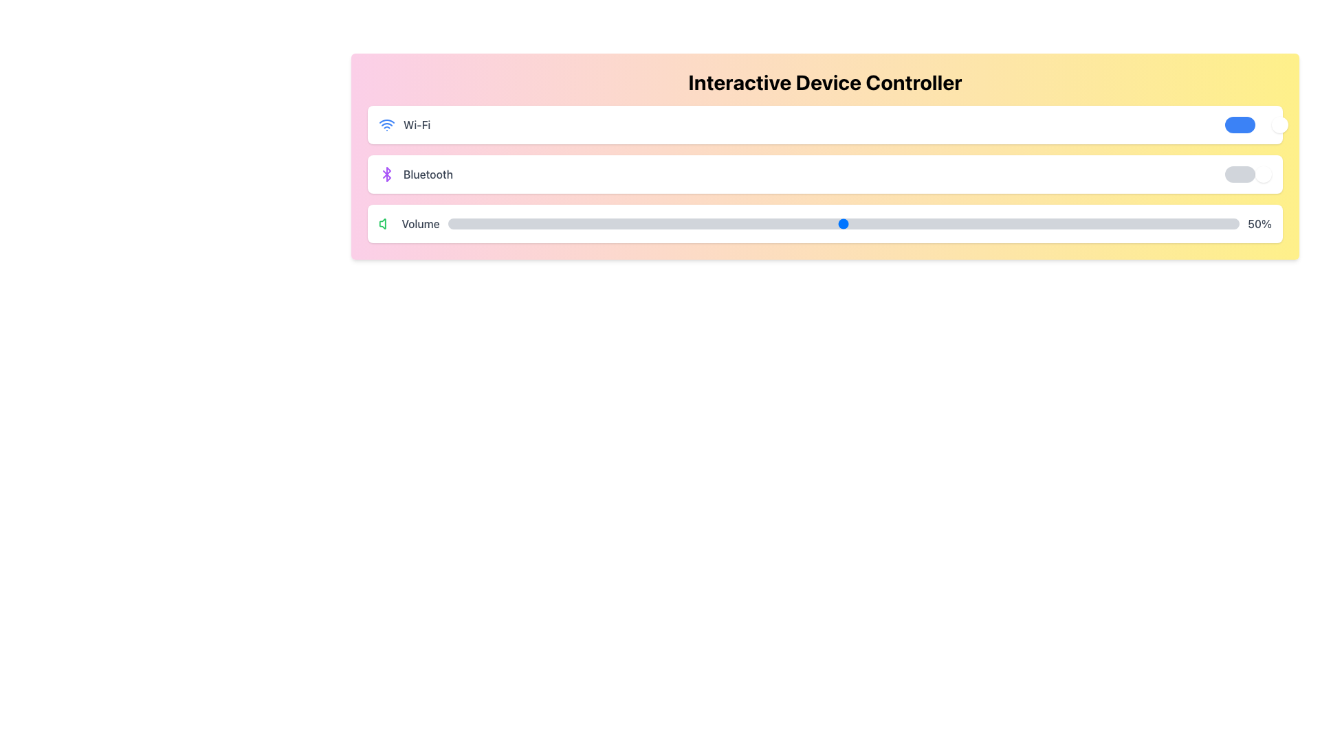 The height and width of the screenshot is (742, 1320). Describe the element at coordinates (954, 223) in the screenshot. I see `the volume` at that location.